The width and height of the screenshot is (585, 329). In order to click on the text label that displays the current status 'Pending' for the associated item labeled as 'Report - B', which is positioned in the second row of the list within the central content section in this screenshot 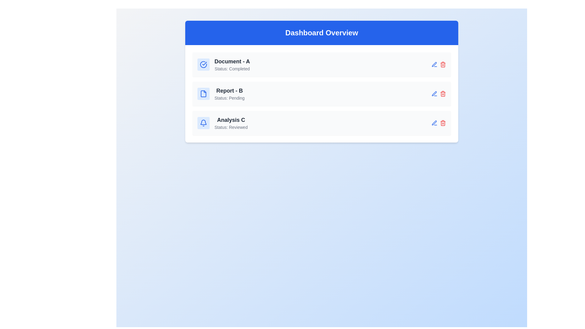, I will do `click(229, 97)`.